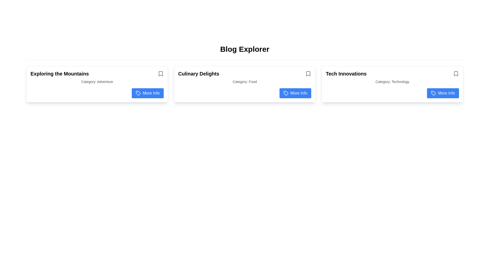 This screenshot has width=480, height=270. Describe the element at coordinates (392, 81) in the screenshot. I see `text label that displays the category of the blog content, located beneath the title 'Tech Innovations' and above the 'More Info' button` at that location.